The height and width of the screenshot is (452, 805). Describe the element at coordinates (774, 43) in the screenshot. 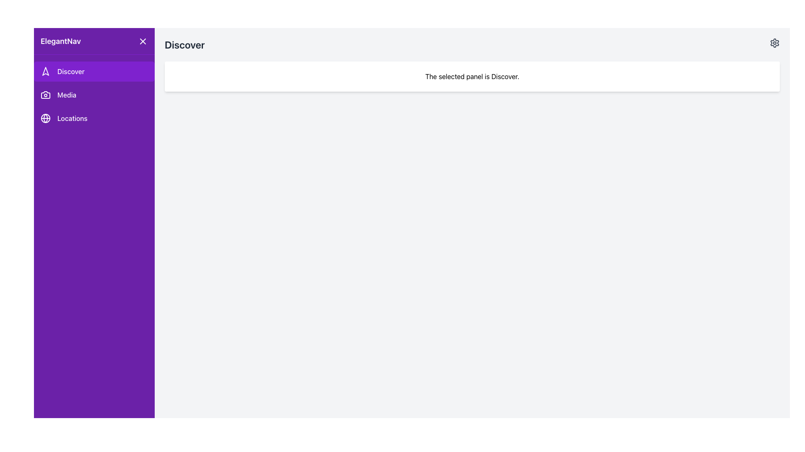

I see `the gear icon in the top-right corner of the main content area` at that location.